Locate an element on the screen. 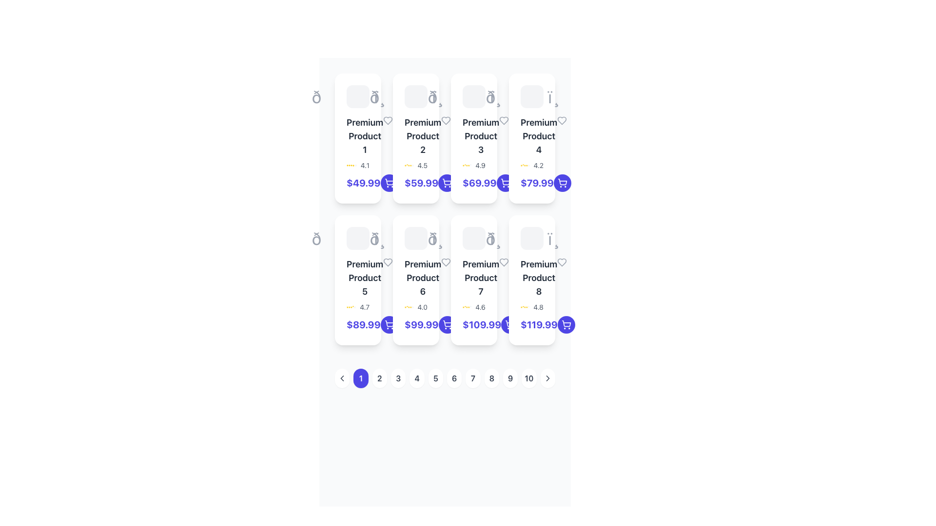 The height and width of the screenshot is (526, 936). the price text label located in the third product card in the first row to possibly trigger a tooltip is located at coordinates (474, 183).